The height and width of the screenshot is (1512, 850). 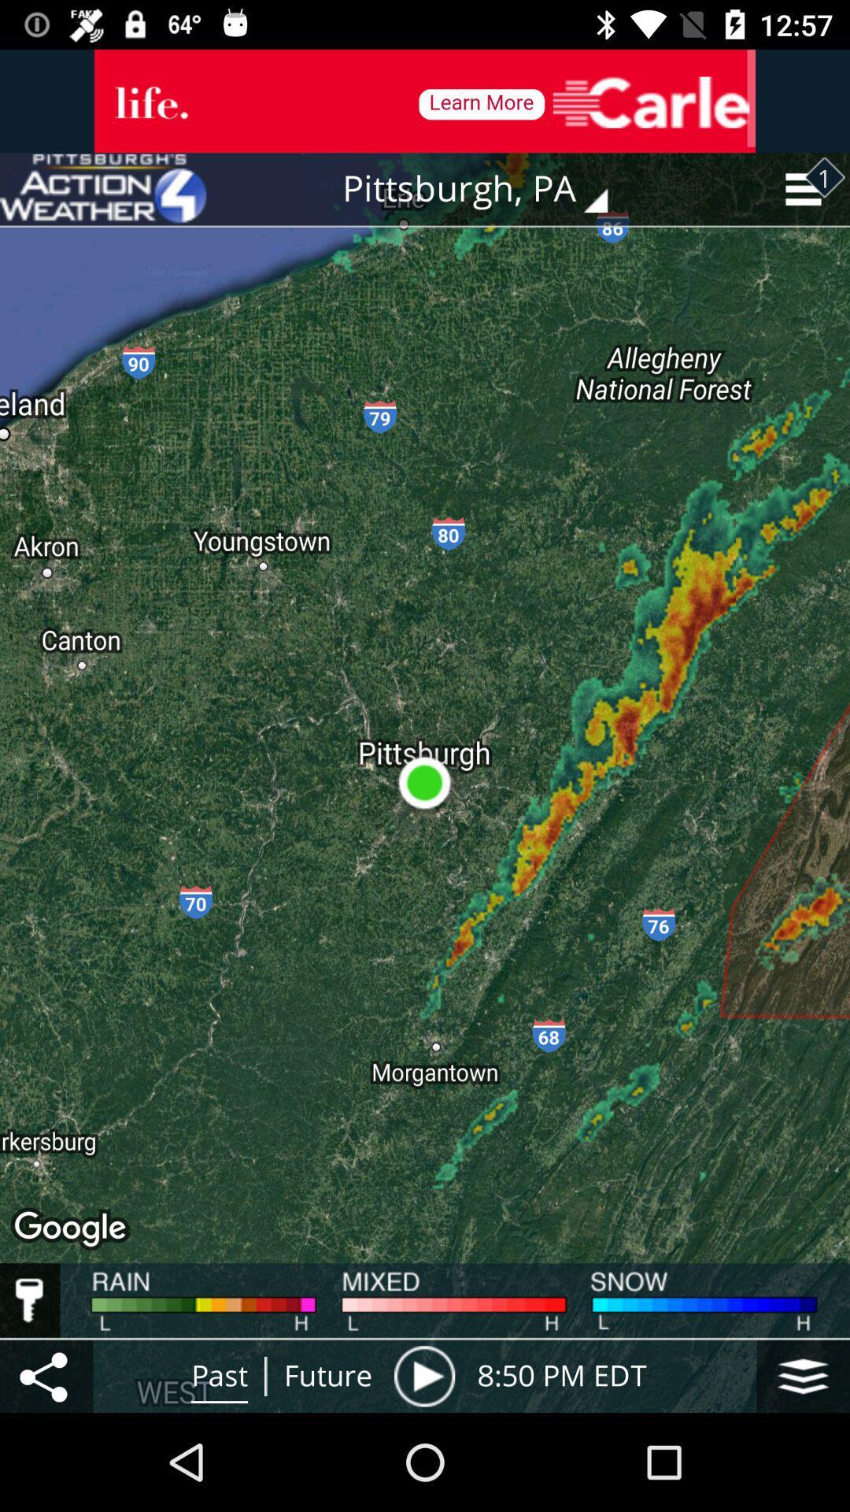 I want to click on open menu, so click(x=46, y=1375).